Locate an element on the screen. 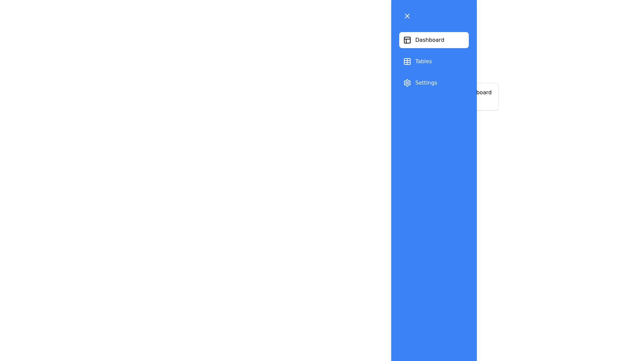 Image resolution: width=642 pixels, height=361 pixels. the section Tables from the list is located at coordinates (434, 62).